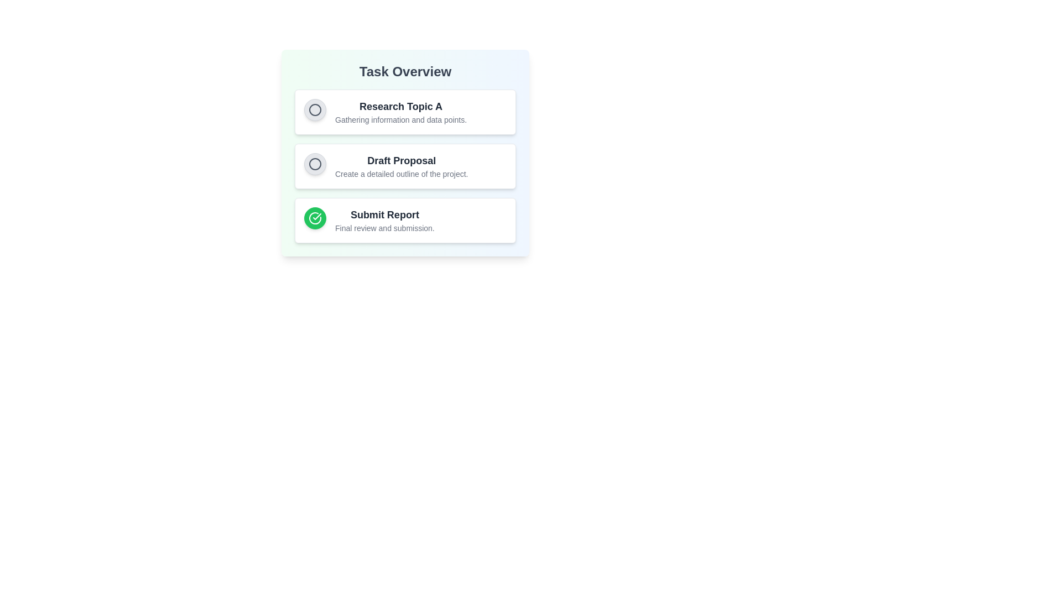 The height and width of the screenshot is (597, 1062). Describe the element at coordinates (315, 218) in the screenshot. I see `the circular icon with a green background and white checkmark, located under the 'Task Overview' section, aligned with the 'Submit Report' task text` at that location.